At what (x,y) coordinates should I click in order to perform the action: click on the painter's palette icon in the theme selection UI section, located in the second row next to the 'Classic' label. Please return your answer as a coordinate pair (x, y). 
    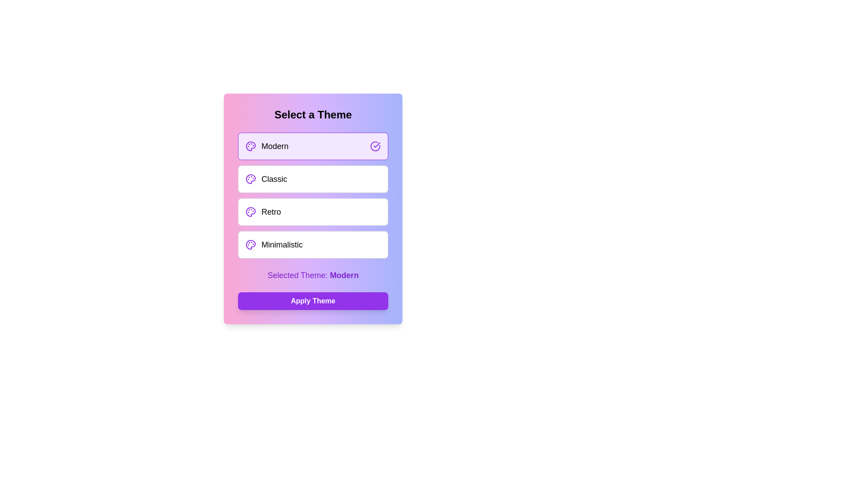
    Looking at the image, I should click on (250, 179).